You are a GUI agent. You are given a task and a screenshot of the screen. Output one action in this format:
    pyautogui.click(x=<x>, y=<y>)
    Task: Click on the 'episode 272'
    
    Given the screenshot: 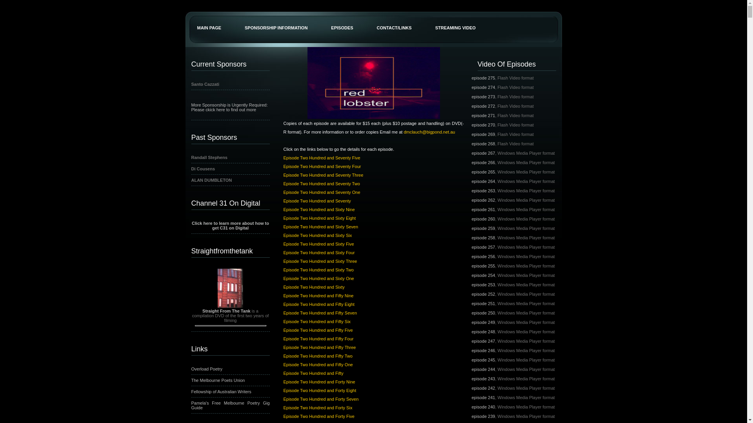 What is the action you would take?
    pyautogui.click(x=483, y=106)
    